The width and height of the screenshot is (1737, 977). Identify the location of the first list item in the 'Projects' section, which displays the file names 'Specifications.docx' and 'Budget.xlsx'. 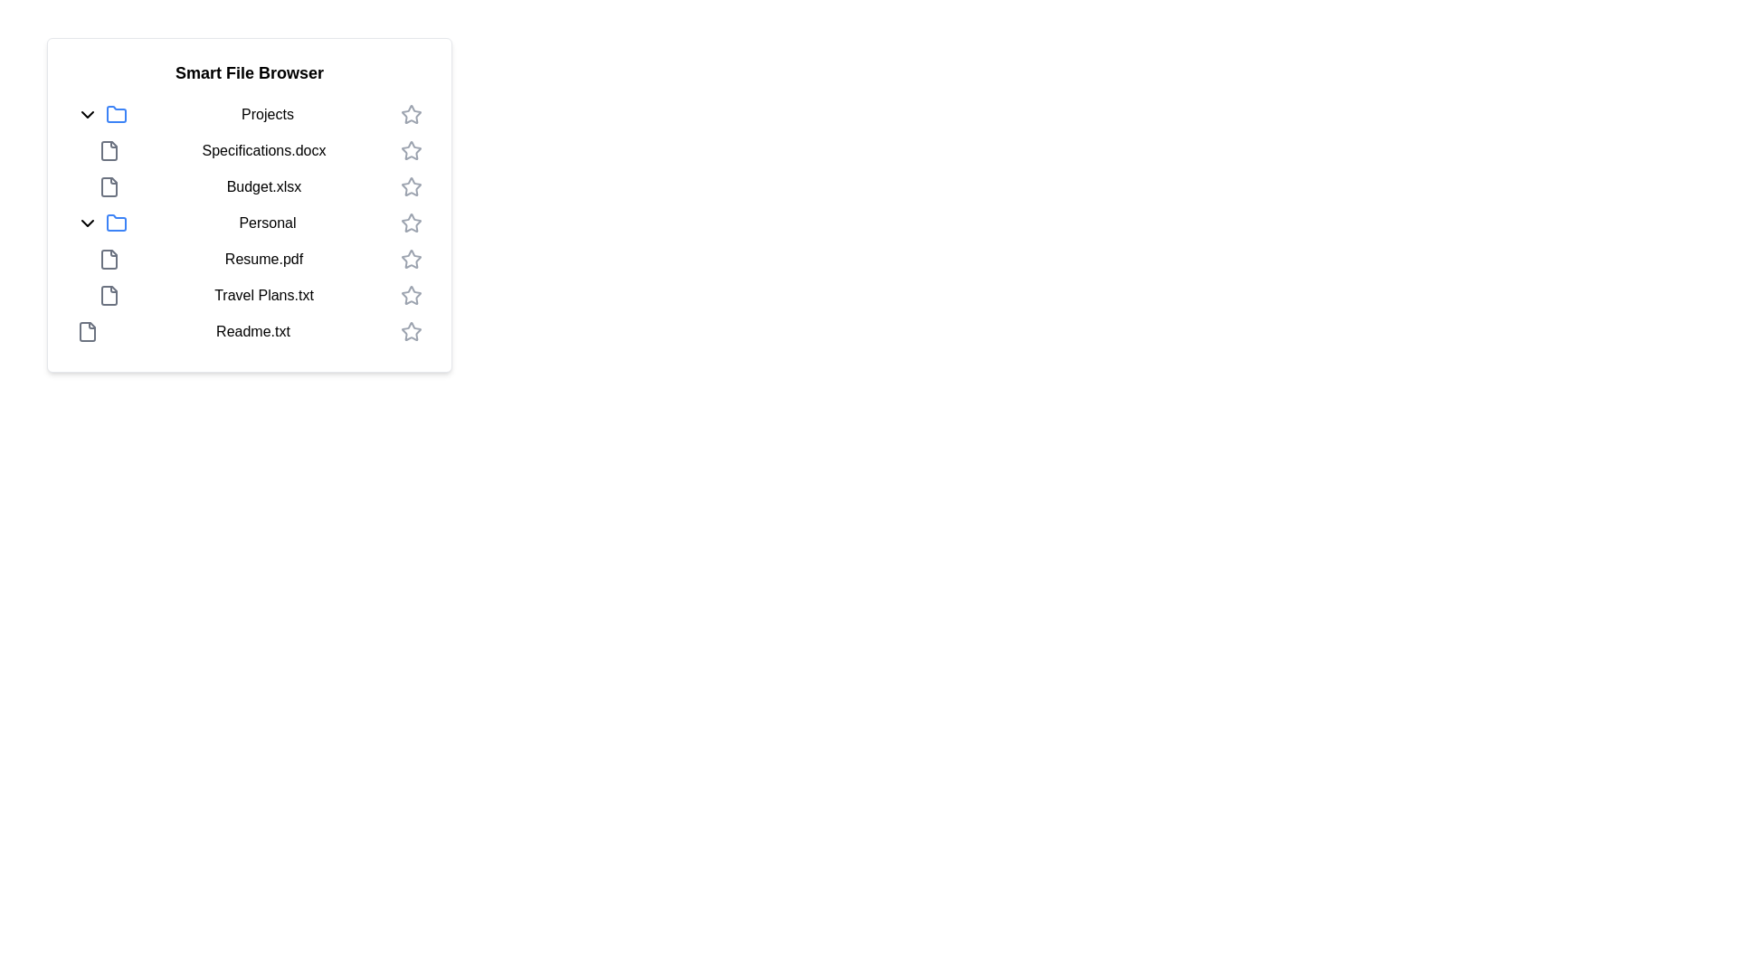
(248, 168).